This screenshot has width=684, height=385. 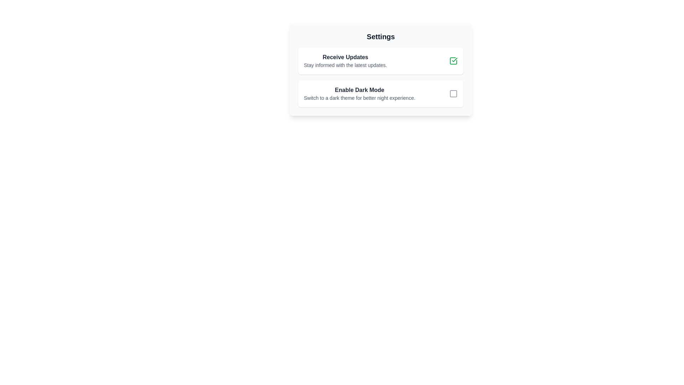 What do you see at coordinates (380, 93) in the screenshot?
I see `the checkbox in the settings panel` at bounding box center [380, 93].